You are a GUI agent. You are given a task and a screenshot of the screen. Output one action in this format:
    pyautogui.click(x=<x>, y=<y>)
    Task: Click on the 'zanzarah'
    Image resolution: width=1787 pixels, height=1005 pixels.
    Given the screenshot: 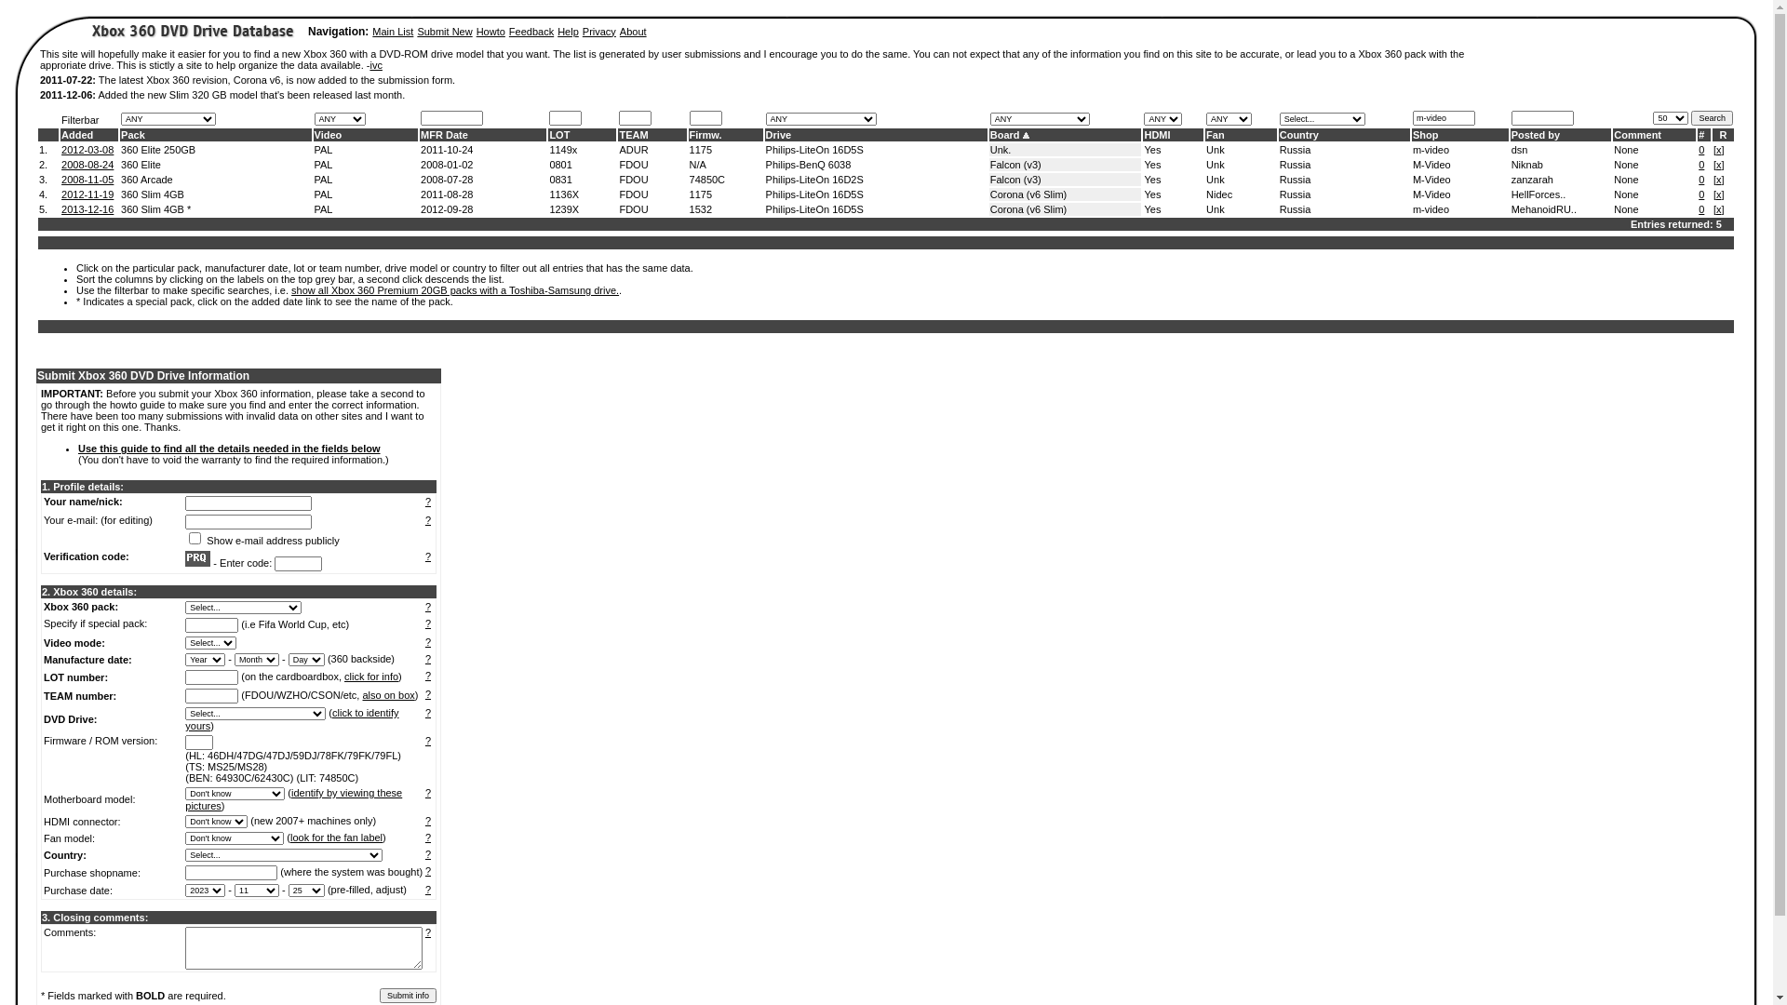 What is the action you would take?
    pyautogui.click(x=1532, y=179)
    